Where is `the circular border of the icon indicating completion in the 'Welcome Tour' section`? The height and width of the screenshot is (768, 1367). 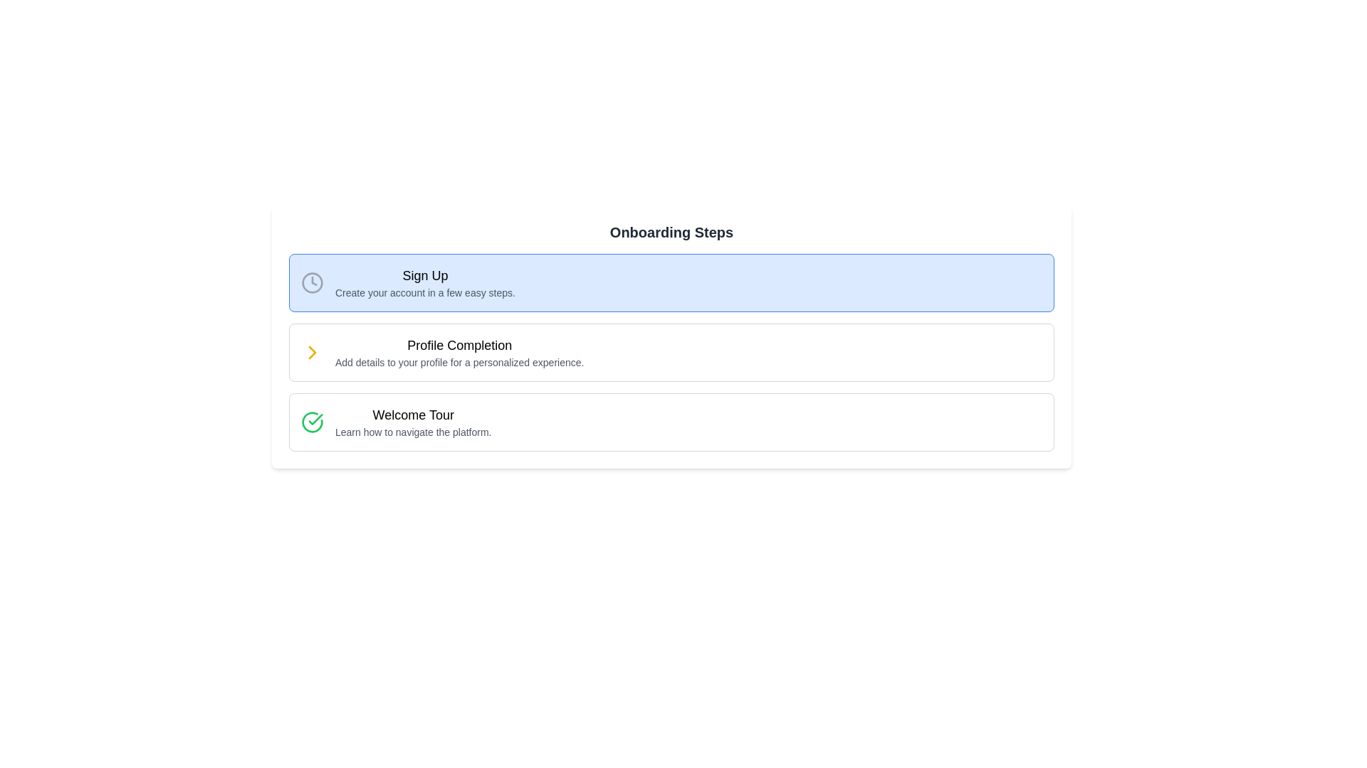 the circular border of the icon indicating completion in the 'Welcome Tour' section is located at coordinates (311, 422).